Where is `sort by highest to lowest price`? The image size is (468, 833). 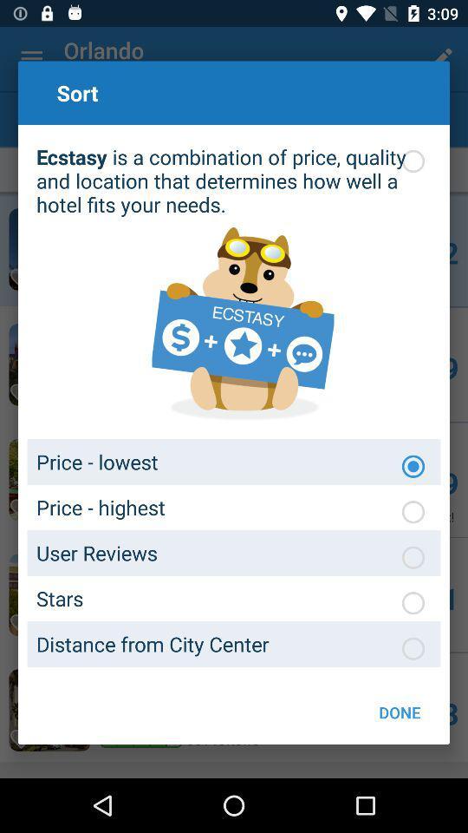
sort by highest to lowest price is located at coordinates (412, 512).